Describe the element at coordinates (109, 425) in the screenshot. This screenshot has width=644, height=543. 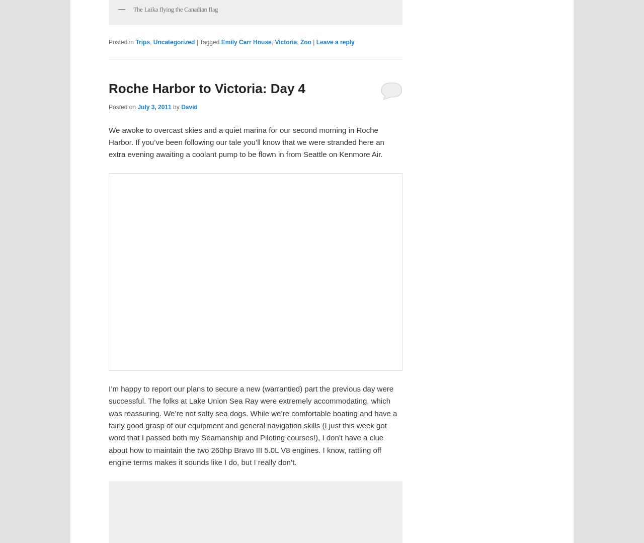
I see `'I’m happy to report our plans to secure a new (warrantied) part the previous day were successful. The folks at Lake Union Sea Ray were extremely accommodating, which was reassuring. We’re not salty sea dogs. While we’re comfortable boating and have a fairly good grasp of our equipment and general navigation skills (I just this week got word that I passed both my Seamanship and Piloting courses!), I don’t have a clue about how to maintain the two 260hp Bravo III 5.0L V8 engines. I know, rattling off engine terms makes it sounds like I do, but I really don’t.'` at that location.